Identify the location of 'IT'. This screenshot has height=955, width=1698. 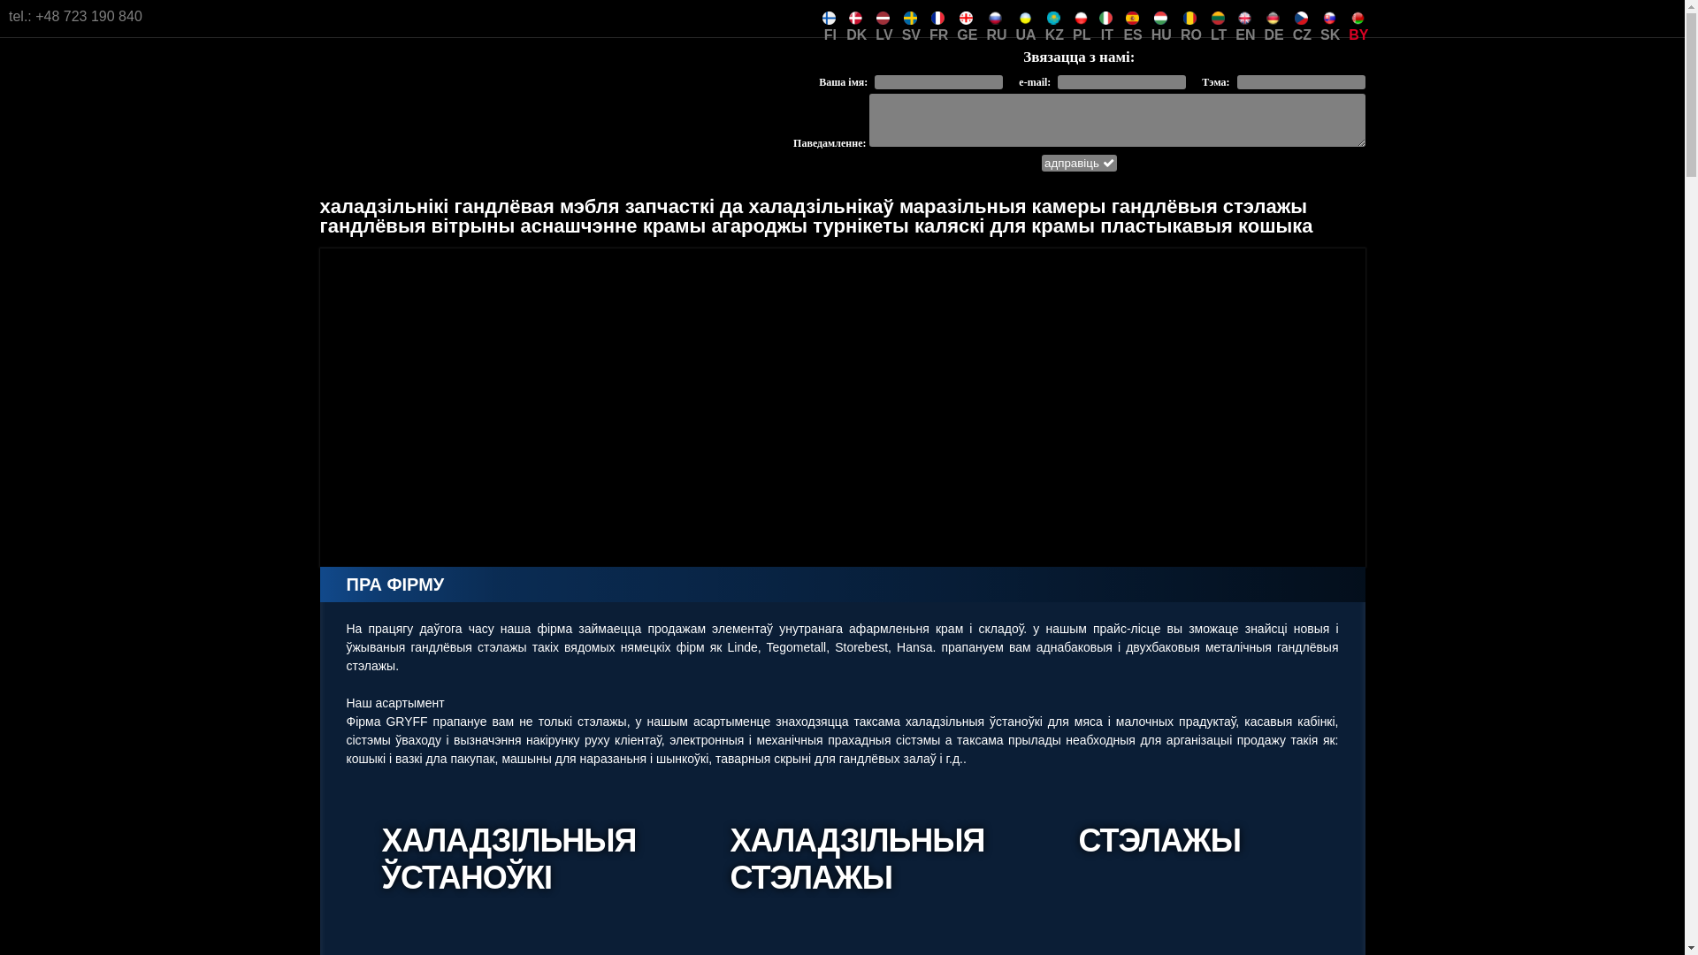
(1105, 17).